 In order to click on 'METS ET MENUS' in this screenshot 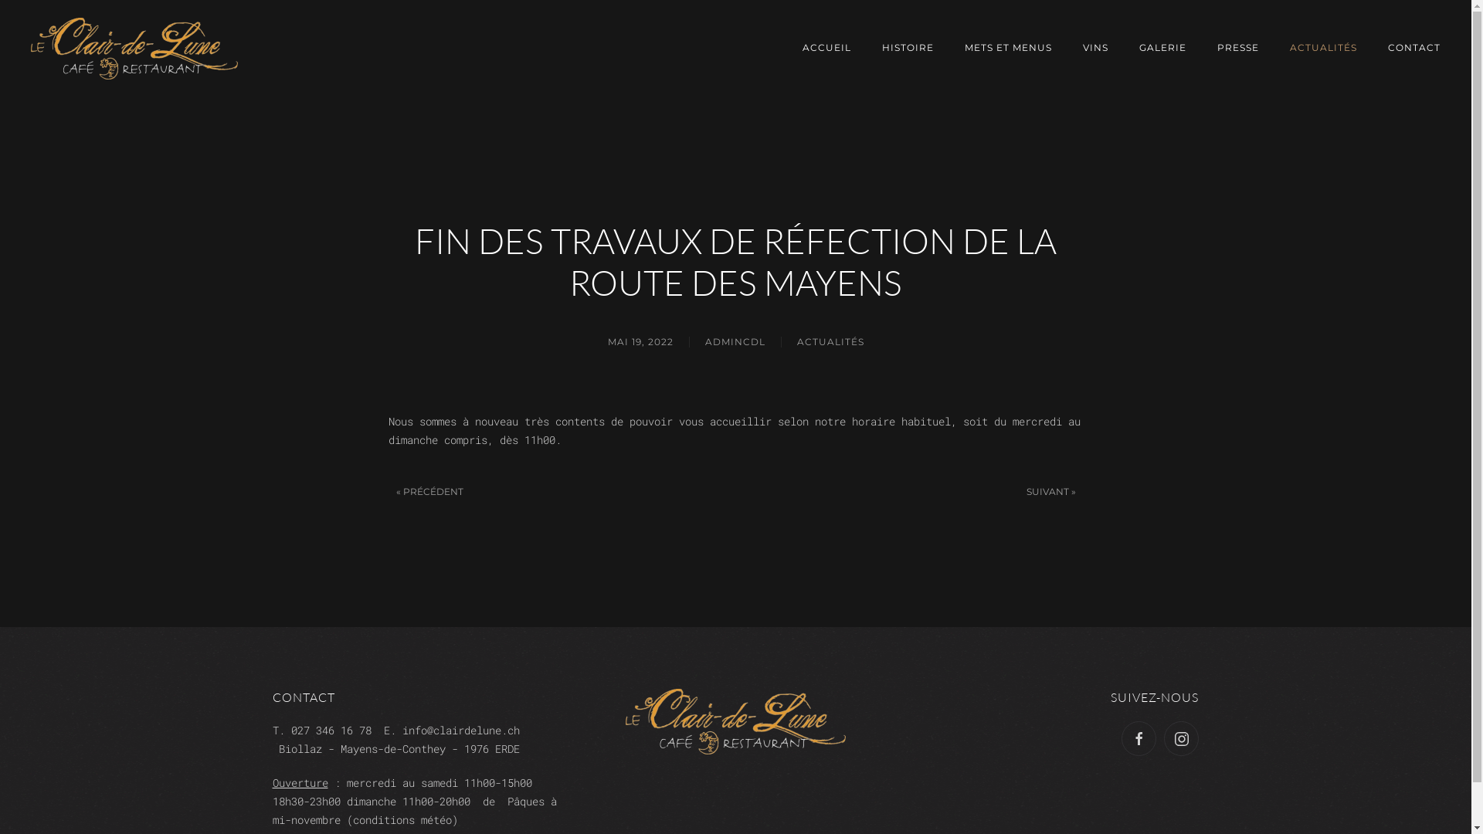, I will do `click(1008, 47)`.